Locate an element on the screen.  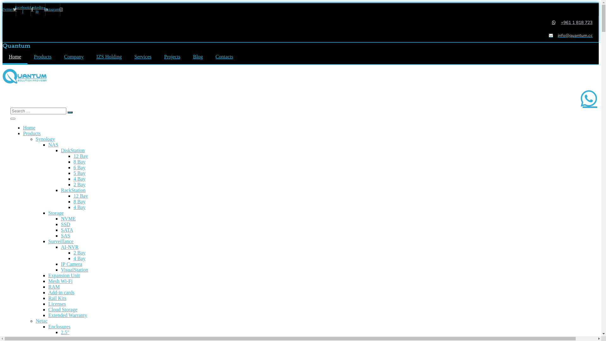
'Licenses' is located at coordinates (48, 303).